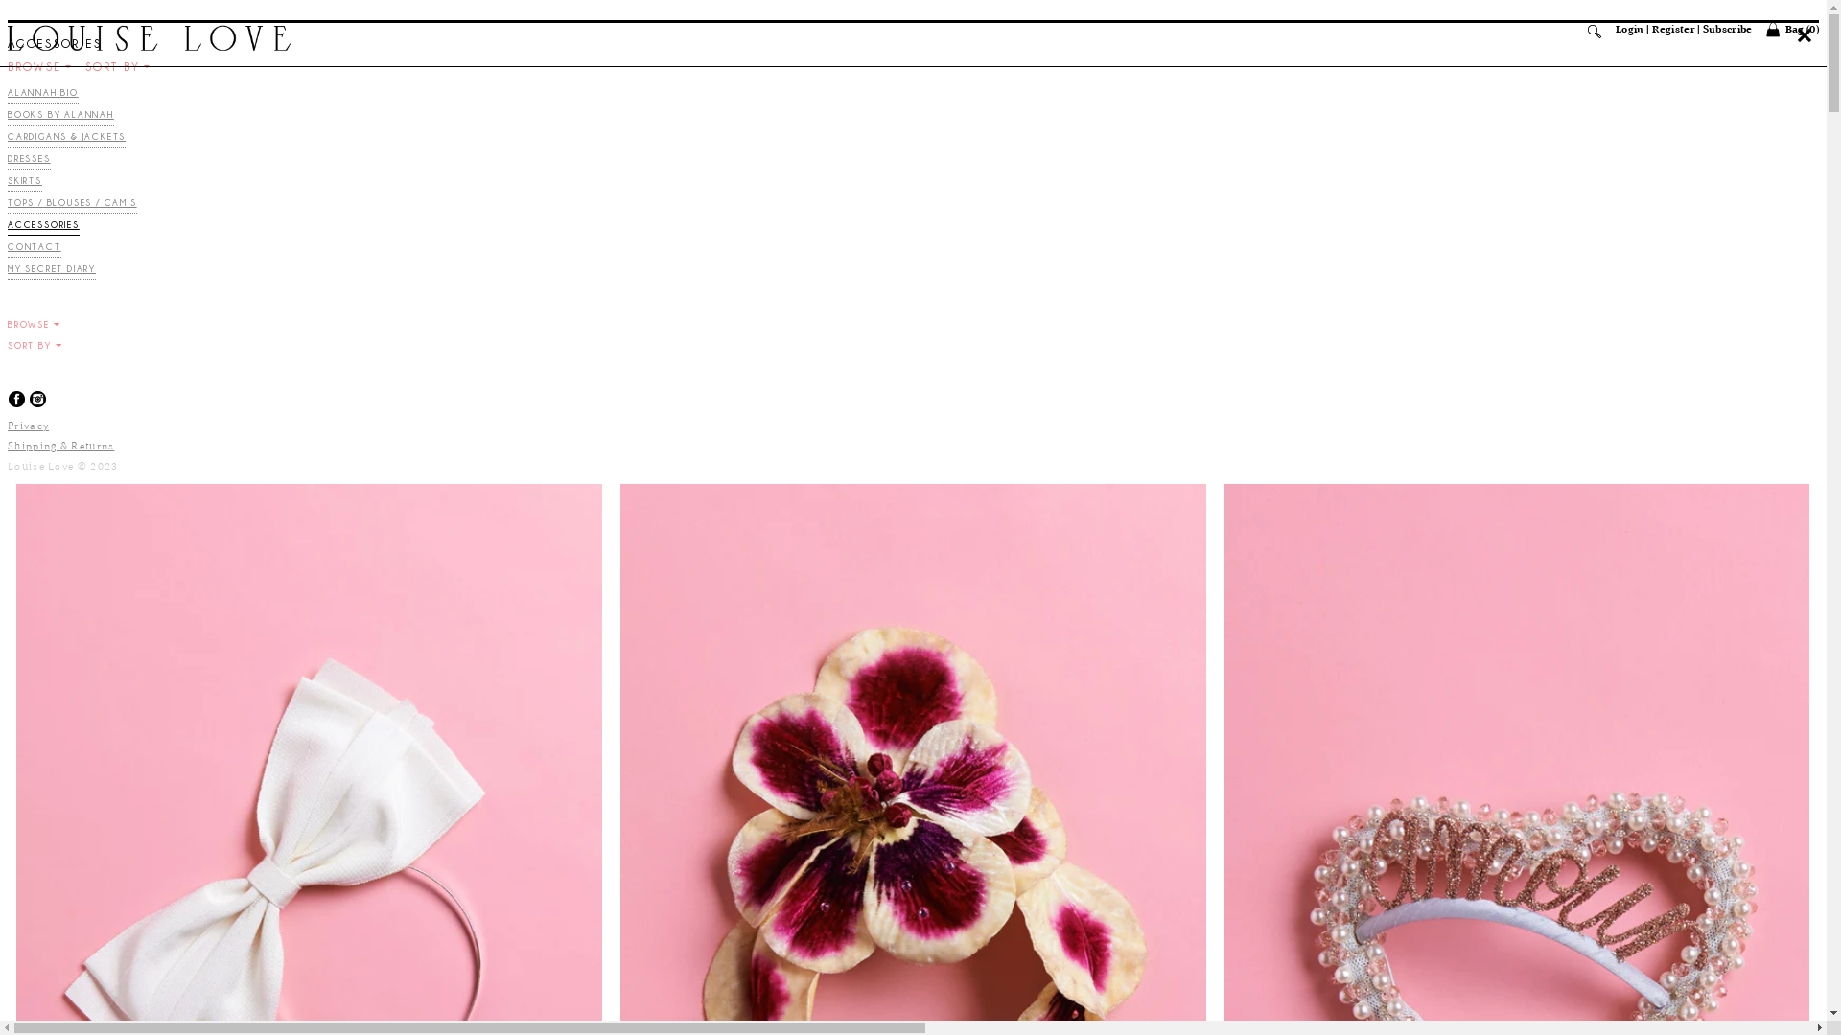  I want to click on 'BOOKS BY ALANNAH', so click(60, 117).